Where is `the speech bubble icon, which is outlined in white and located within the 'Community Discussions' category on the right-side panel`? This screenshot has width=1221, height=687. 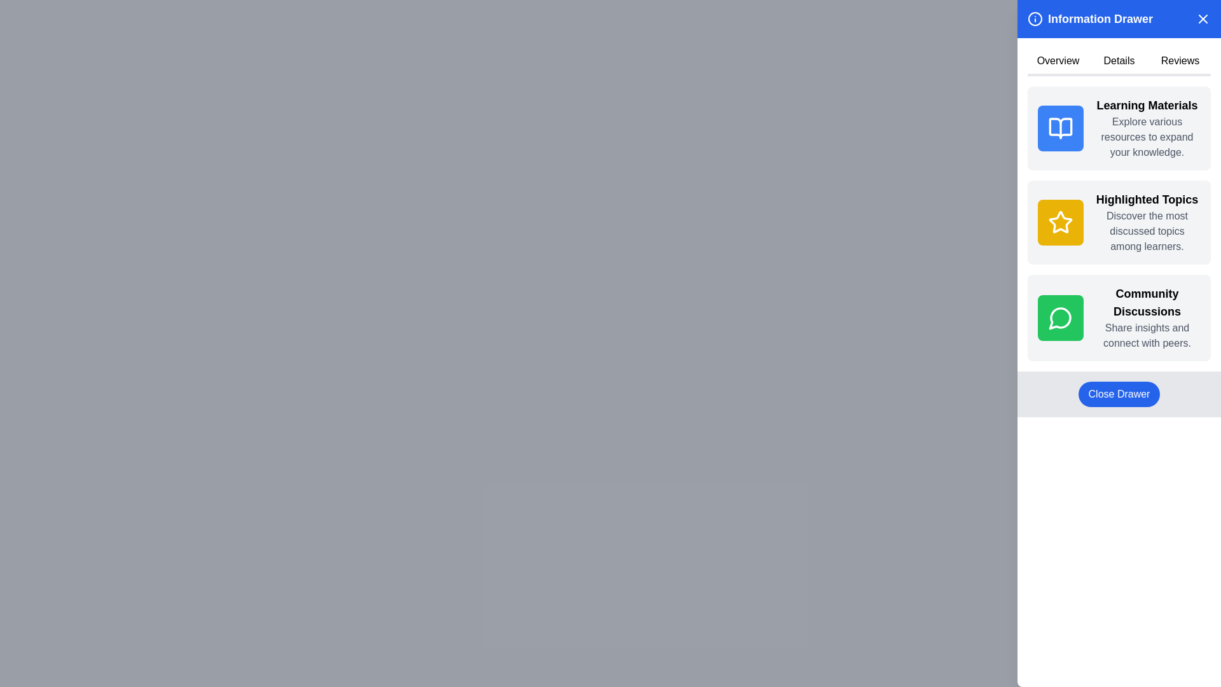 the speech bubble icon, which is outlined in white and located within the 'Community Discussions' category on the right-side panel is located at coordinates (1060, 317).